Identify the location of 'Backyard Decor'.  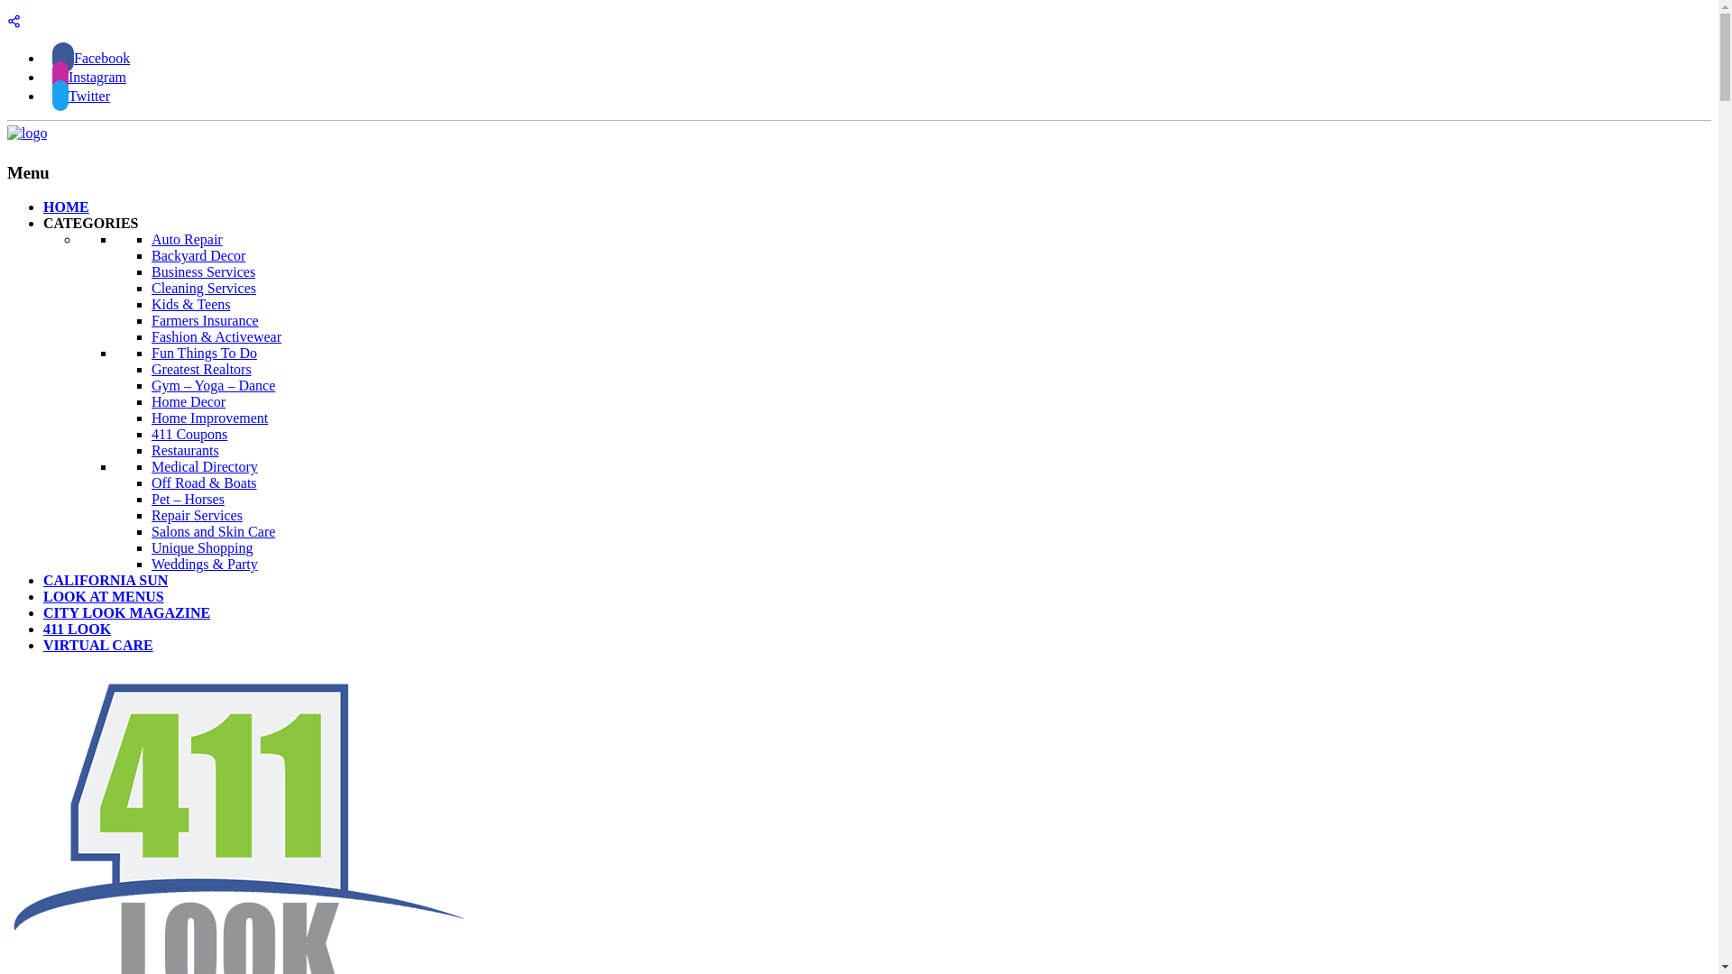
(198, 255).